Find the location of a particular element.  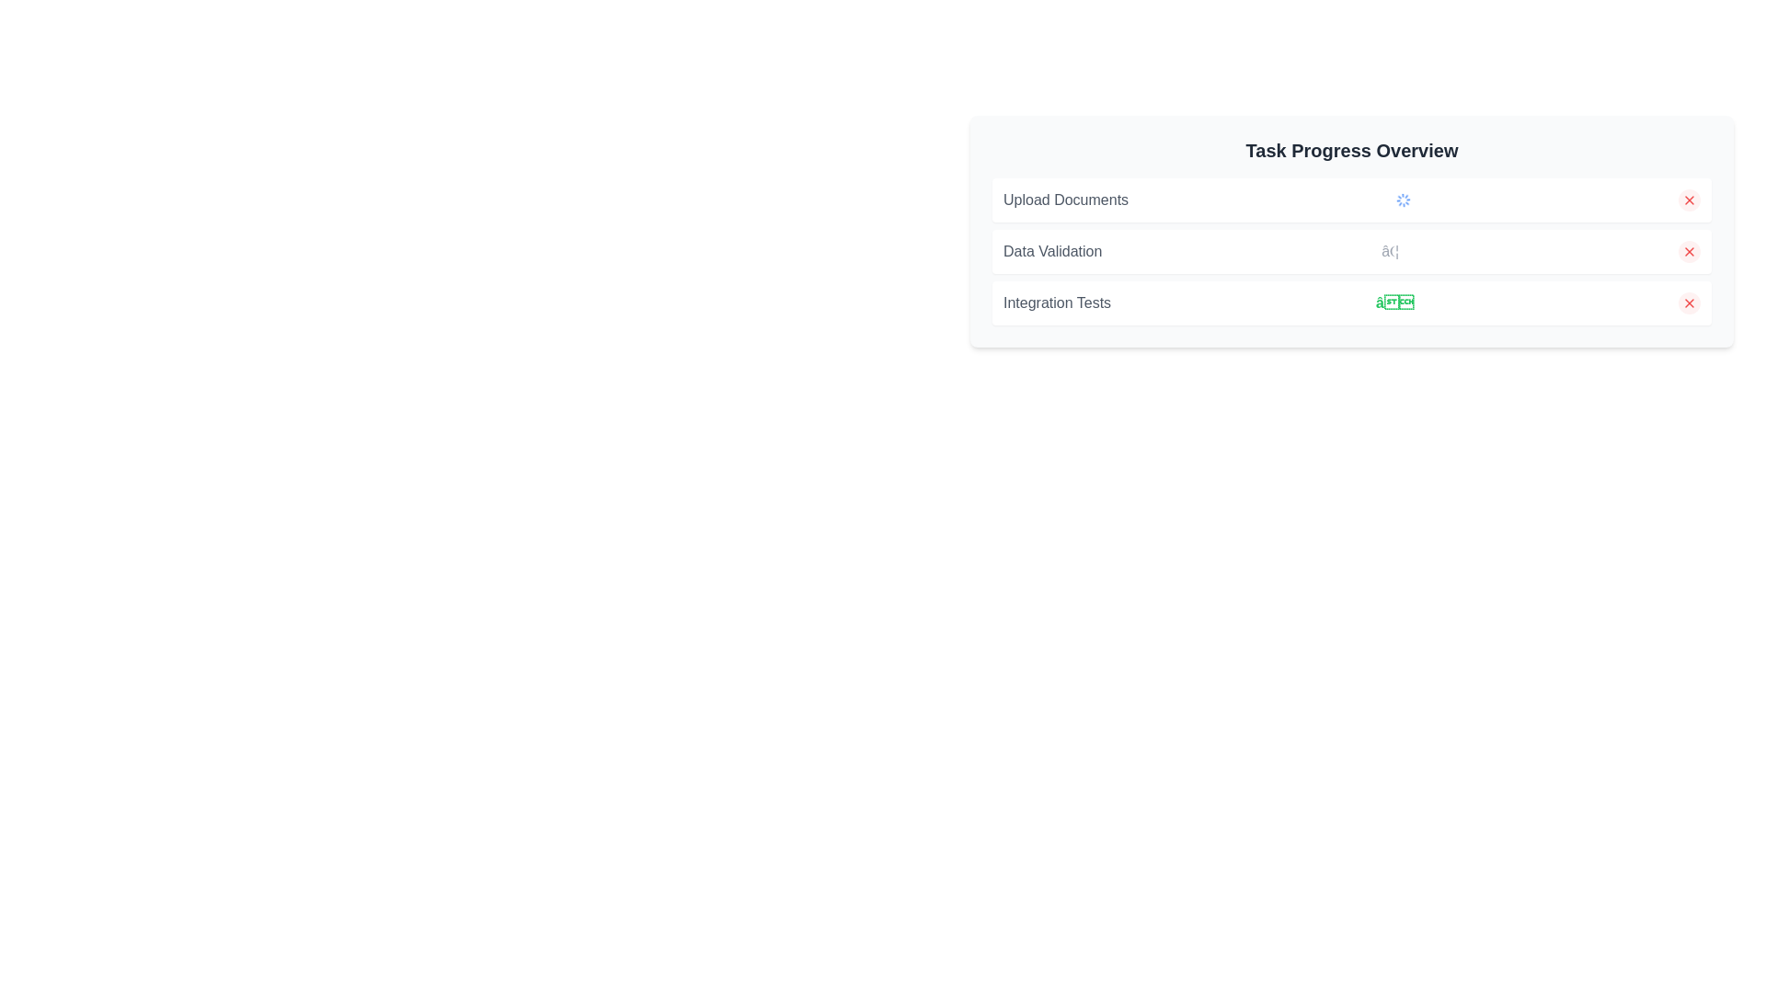

to select the 'Integration Tests' status item in the third row of the 'Task Progress Overview' list is located at coordinates (1351, 302).